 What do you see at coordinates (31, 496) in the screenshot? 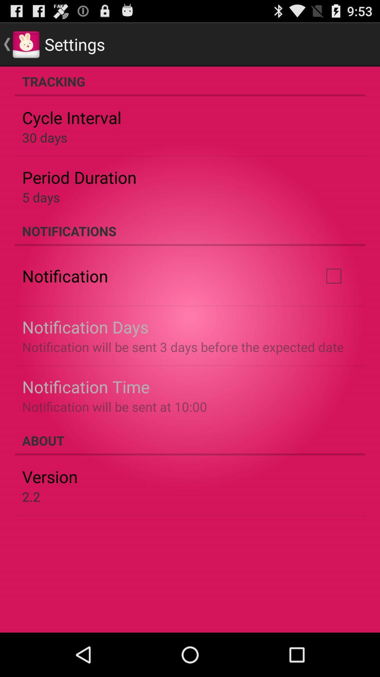
I see `2.2 icon` at bounding box center [31, 496].